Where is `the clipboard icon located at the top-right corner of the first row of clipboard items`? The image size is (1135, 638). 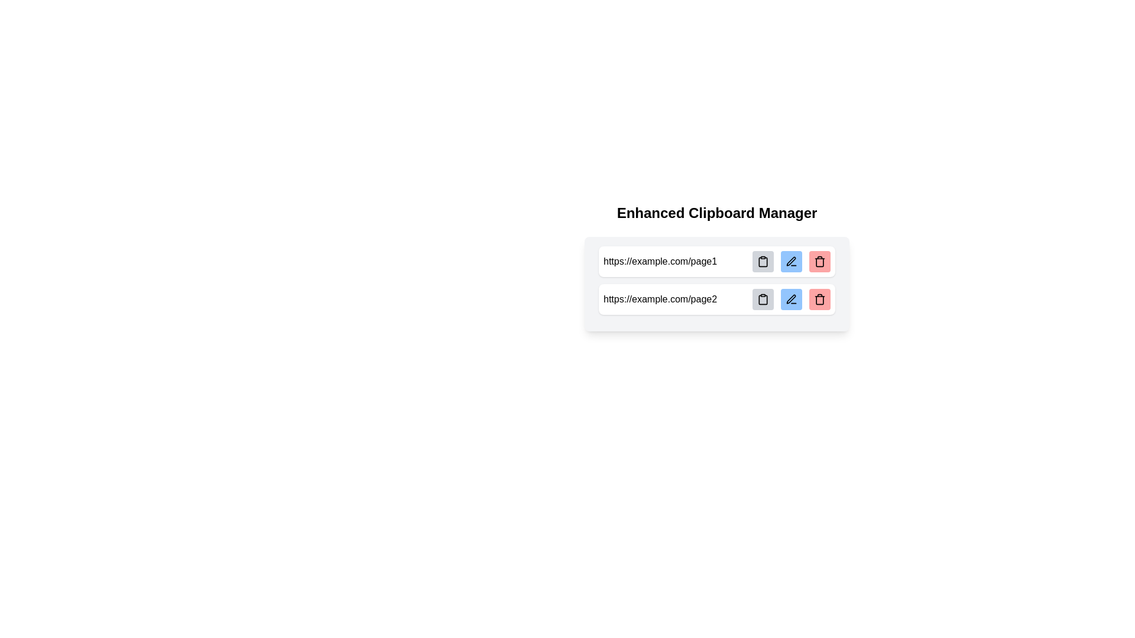
the clipboard icon located at the top-right corner of the first row of clipboard items is located at coordinates (763, 298).